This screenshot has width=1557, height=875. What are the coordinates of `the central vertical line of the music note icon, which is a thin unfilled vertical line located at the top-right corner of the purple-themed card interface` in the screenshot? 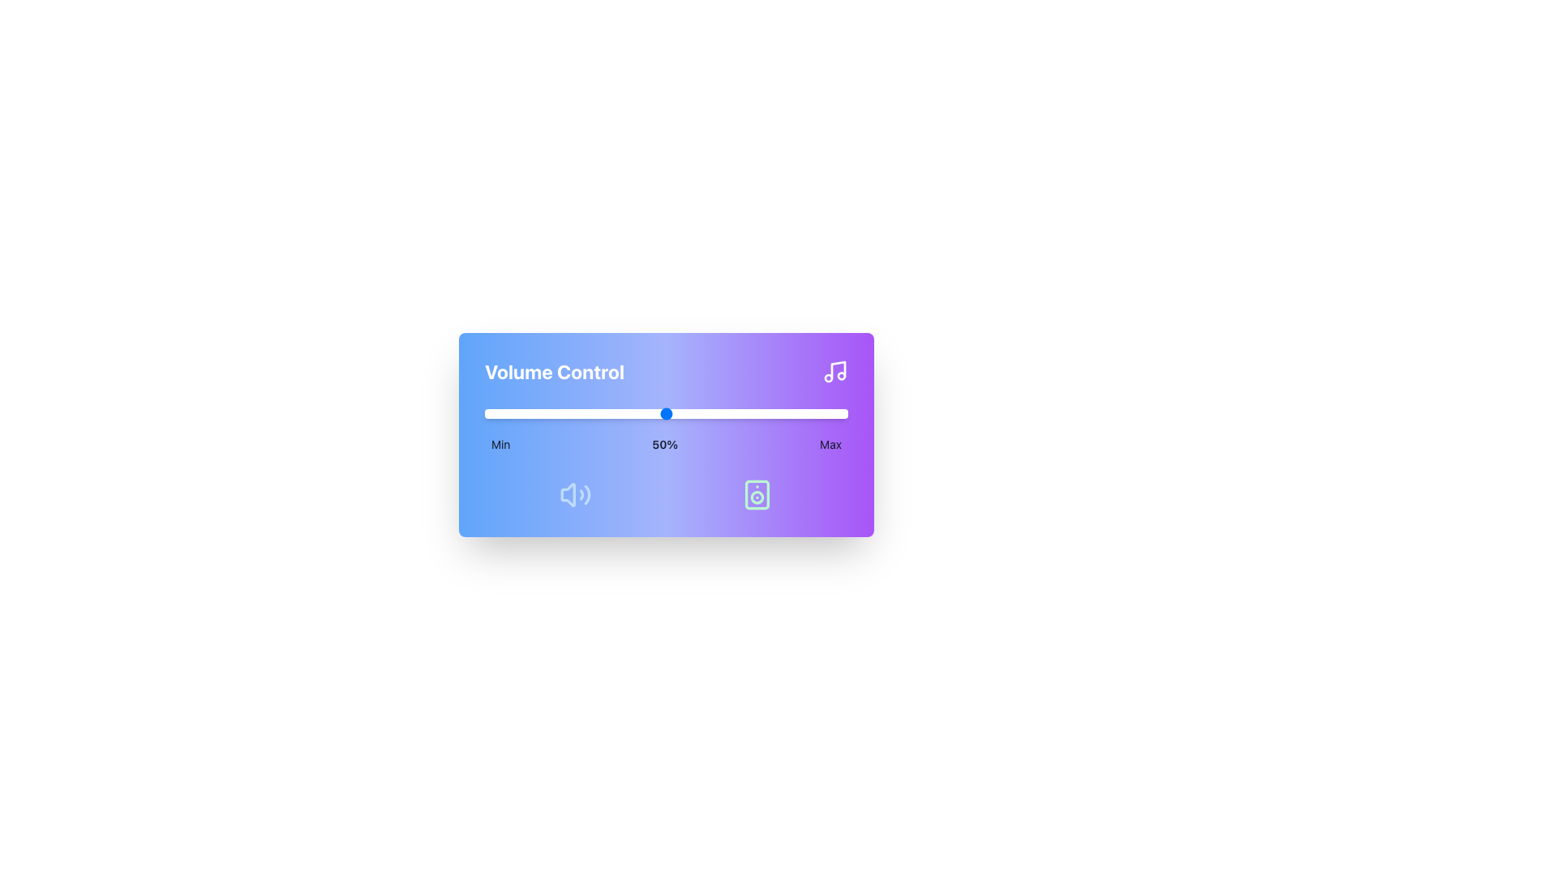 It's located at (838, 369).